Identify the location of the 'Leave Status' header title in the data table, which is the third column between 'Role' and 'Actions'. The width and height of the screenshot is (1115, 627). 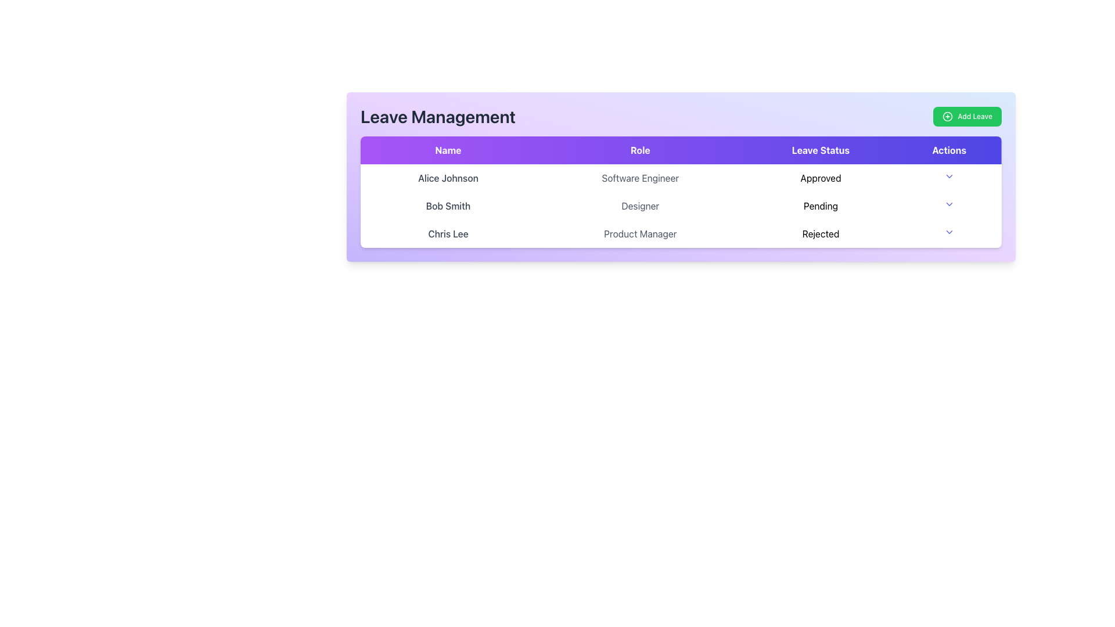
(820, 149).